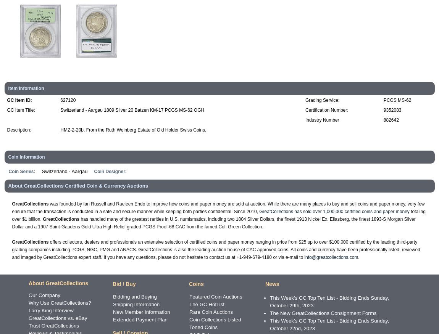 The image size is (439, 334). I want to click on 'Coin Series:', so click(21, 171).